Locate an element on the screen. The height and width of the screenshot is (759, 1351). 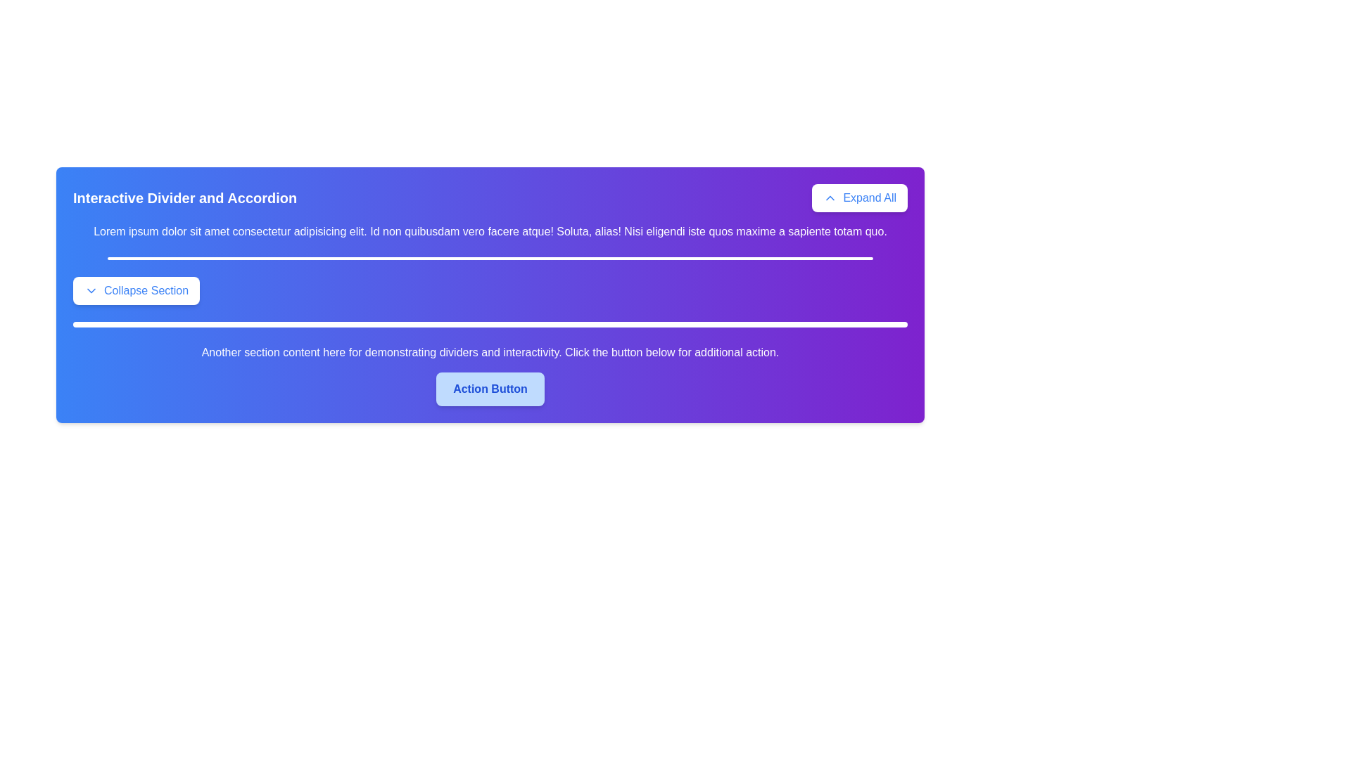
the text in the Text block located below the title 'Interactive Divider and Accordion' and above a decorative divider for copying is located at coordinates (490, 231).